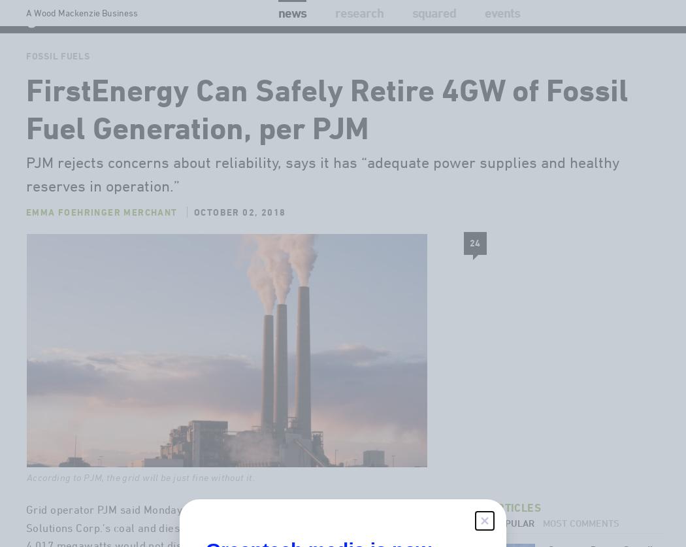 Image resolution: width=686 pixels, height=547 pixels. What do you see at coordinates (475, 56) in the screenshot?
I see `'White Papers'` at bounding box center [475, 56].